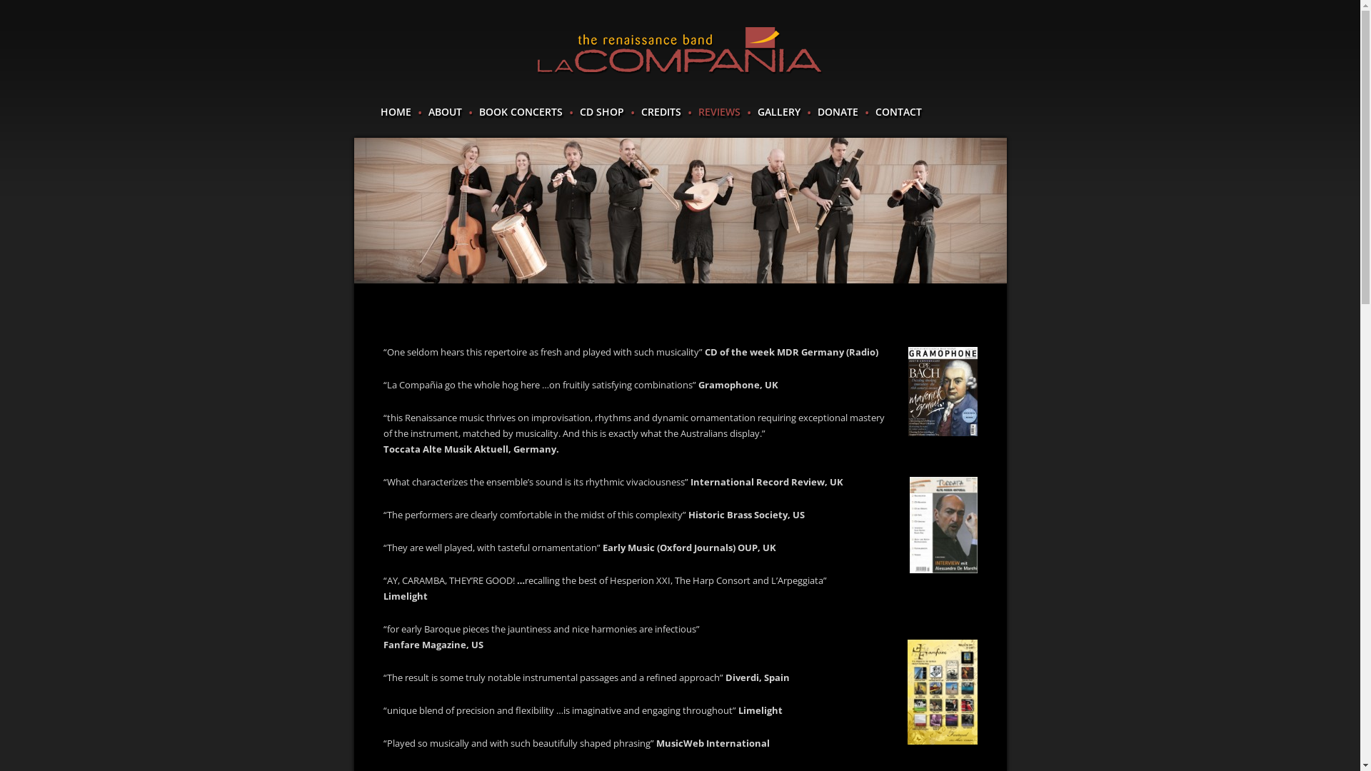 The width and height of the screenshot is (1371, 771). What do you see at coordinates (640, 111) in the screenshot?
I see `'CREDITS'` at bounding box center [640, 111].